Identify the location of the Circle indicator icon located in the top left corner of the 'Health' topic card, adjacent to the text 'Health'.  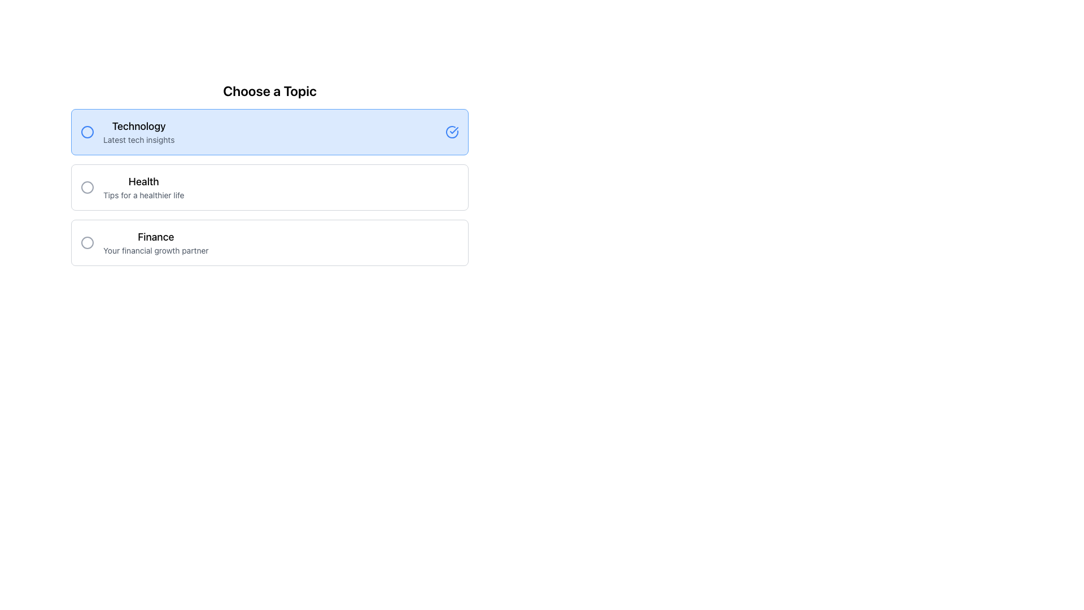
(86, 186).